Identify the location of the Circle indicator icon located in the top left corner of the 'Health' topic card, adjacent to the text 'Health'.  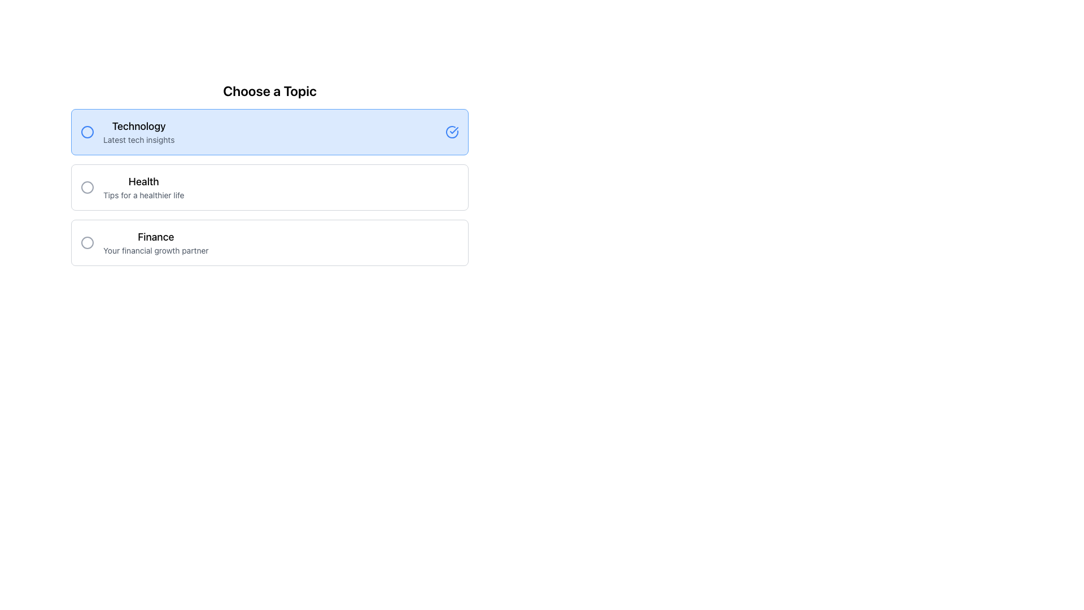
(86, 186).